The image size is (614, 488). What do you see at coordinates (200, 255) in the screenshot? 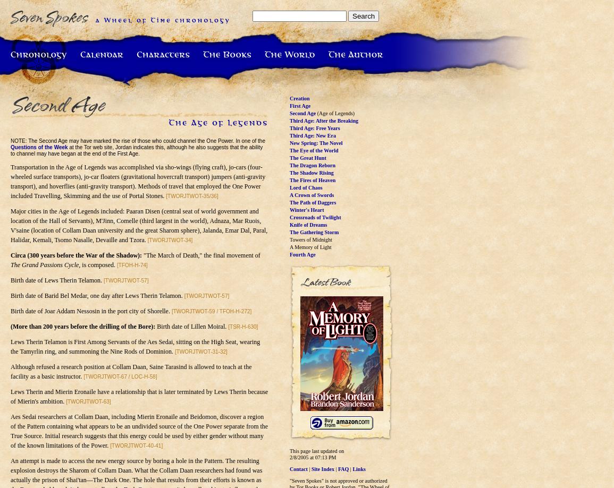
I see `'"The March of Death," the final movement of'` at bounding box center [200, 255].